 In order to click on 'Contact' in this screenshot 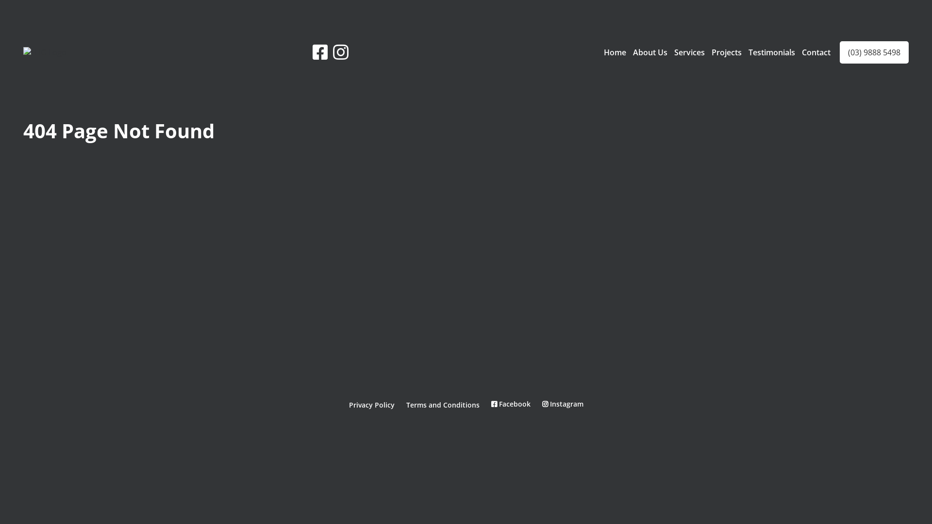, I will do `click(801, 52)`.